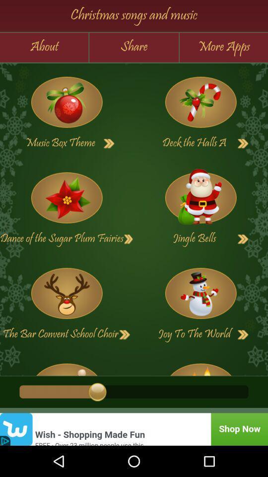 The height and width of the screenshot is (477, 268). I want to click on click character to play music, so click(67, 293).